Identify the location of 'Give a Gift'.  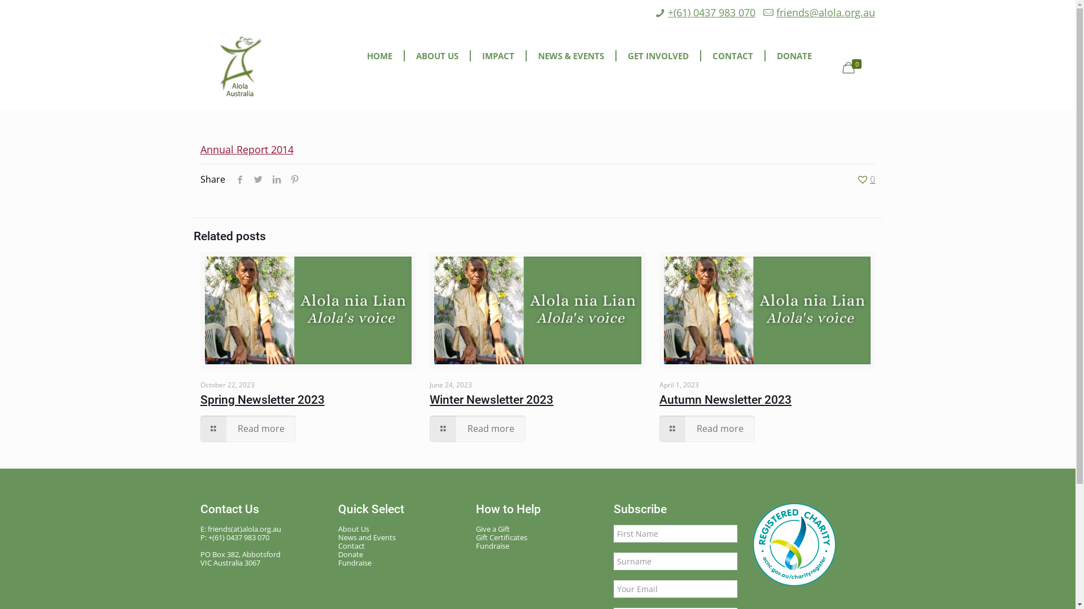
(537, 529).